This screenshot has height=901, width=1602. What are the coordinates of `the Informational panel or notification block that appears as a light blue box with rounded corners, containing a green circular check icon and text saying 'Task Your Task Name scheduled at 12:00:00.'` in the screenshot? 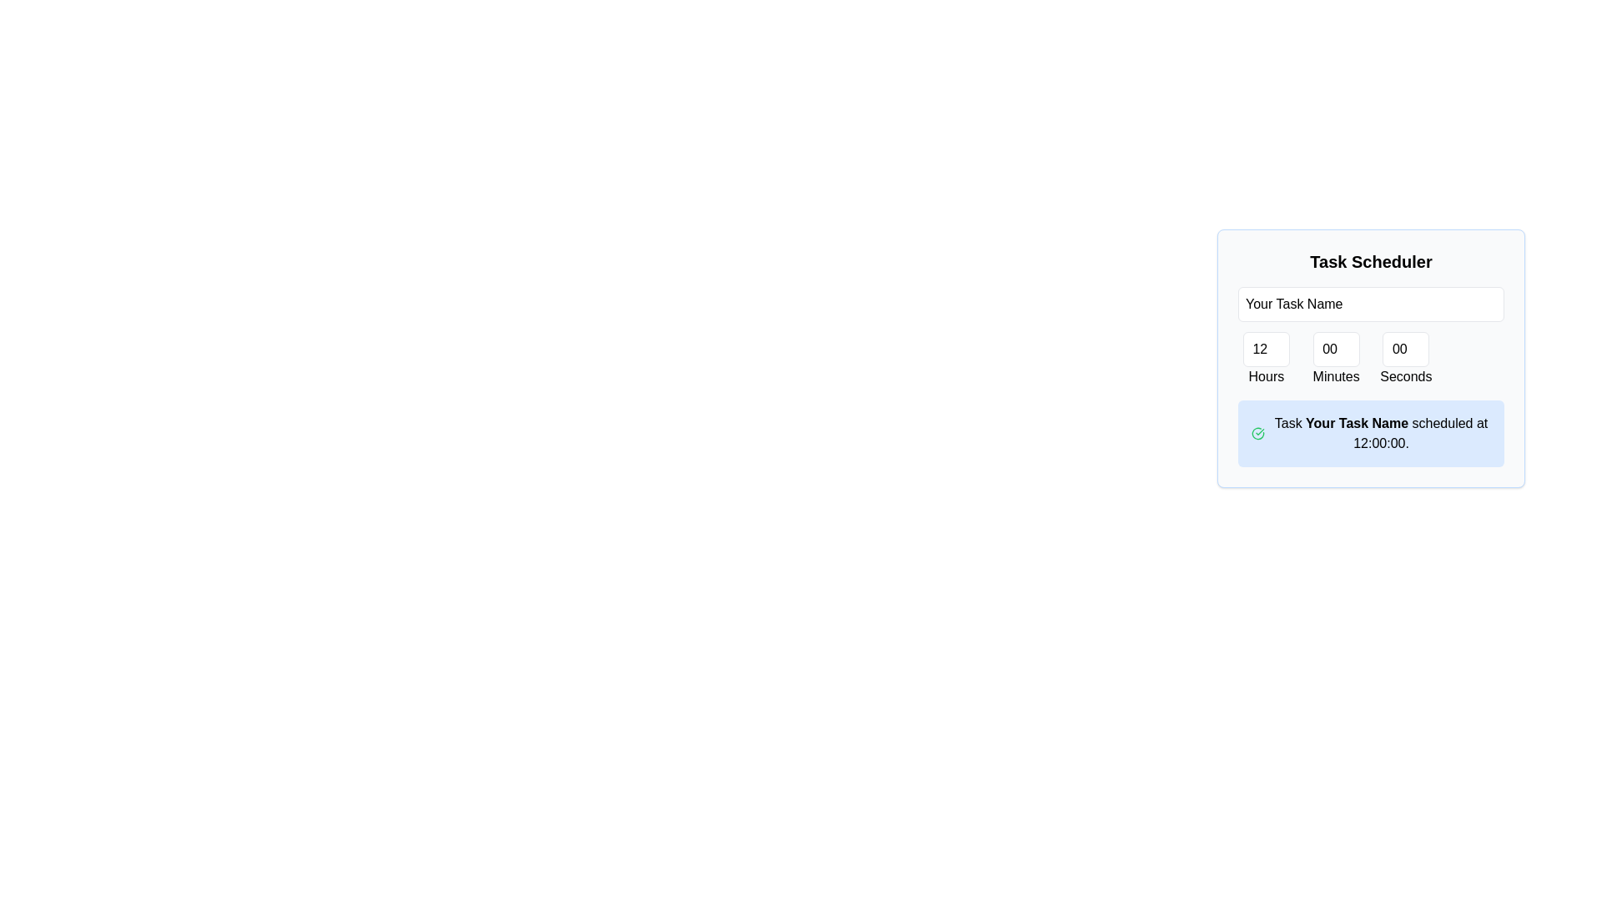 It's located at (1371, 433).